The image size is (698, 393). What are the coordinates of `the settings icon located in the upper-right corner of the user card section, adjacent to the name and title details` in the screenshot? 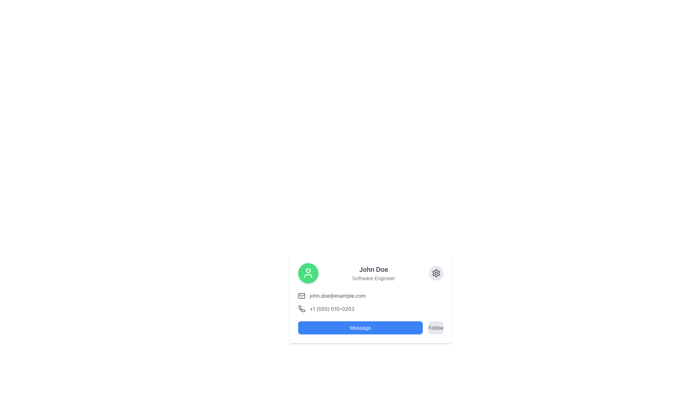 It's located at (436, 273).